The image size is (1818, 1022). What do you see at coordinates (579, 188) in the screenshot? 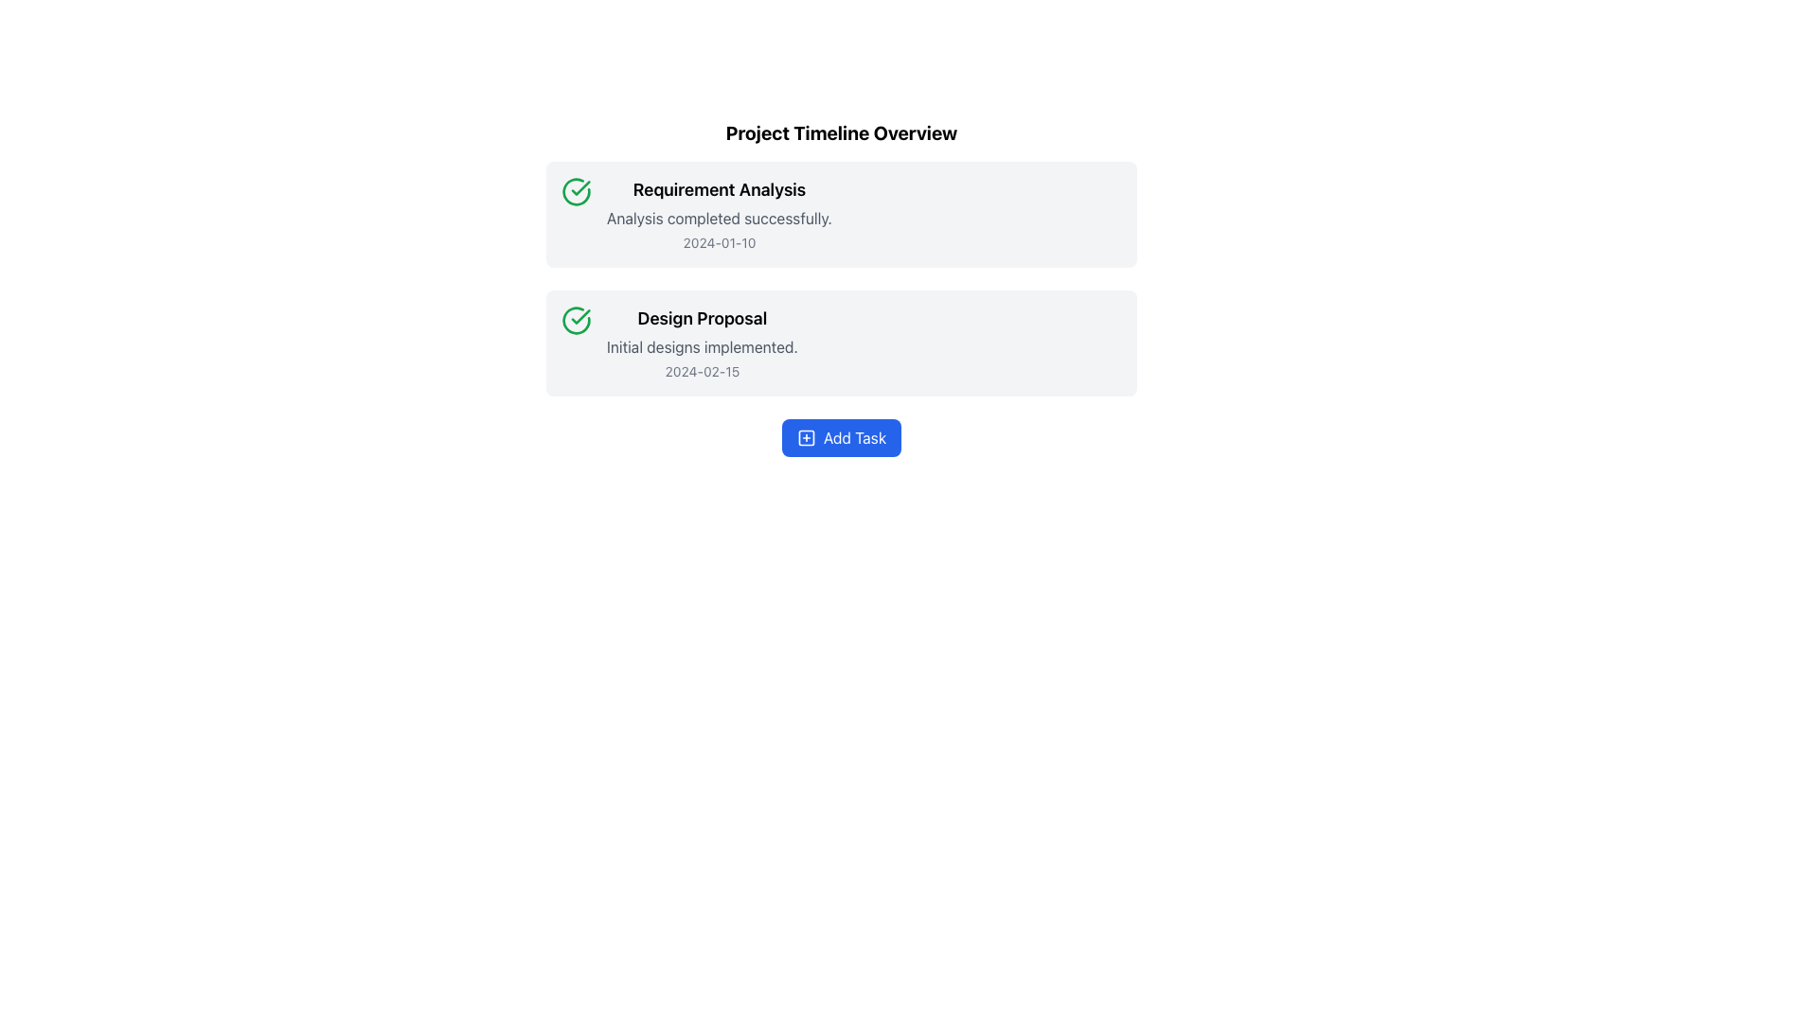
I see `the checkmark icon located to the left of the title text in the 'Requirement Analysis' card, which signifies task completion` at bounding box center [579, 188].